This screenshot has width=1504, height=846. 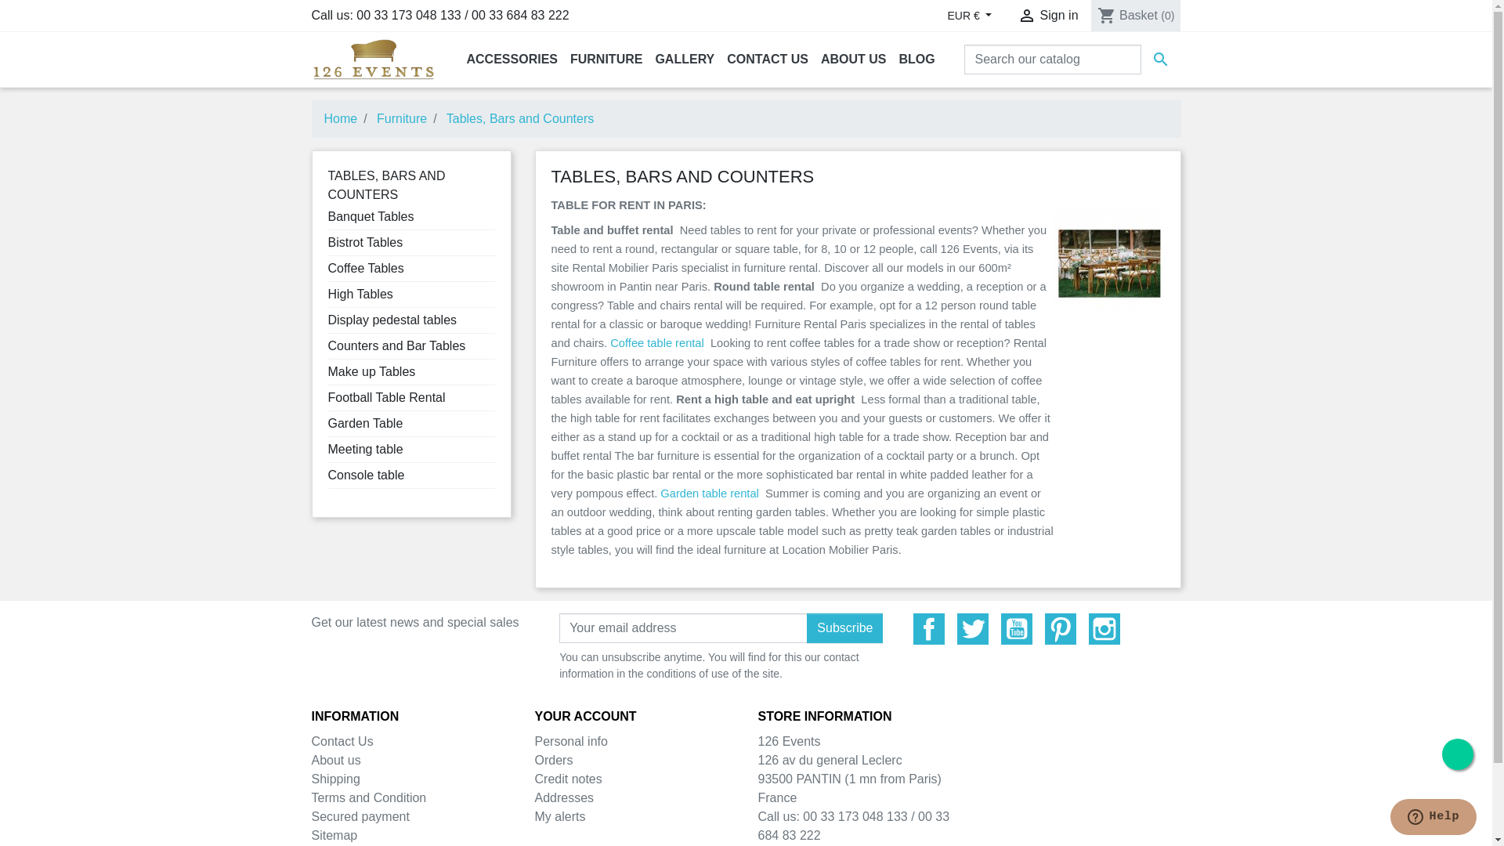 I want to click on 'Display pedestal tables', so click(x=392, y=319).